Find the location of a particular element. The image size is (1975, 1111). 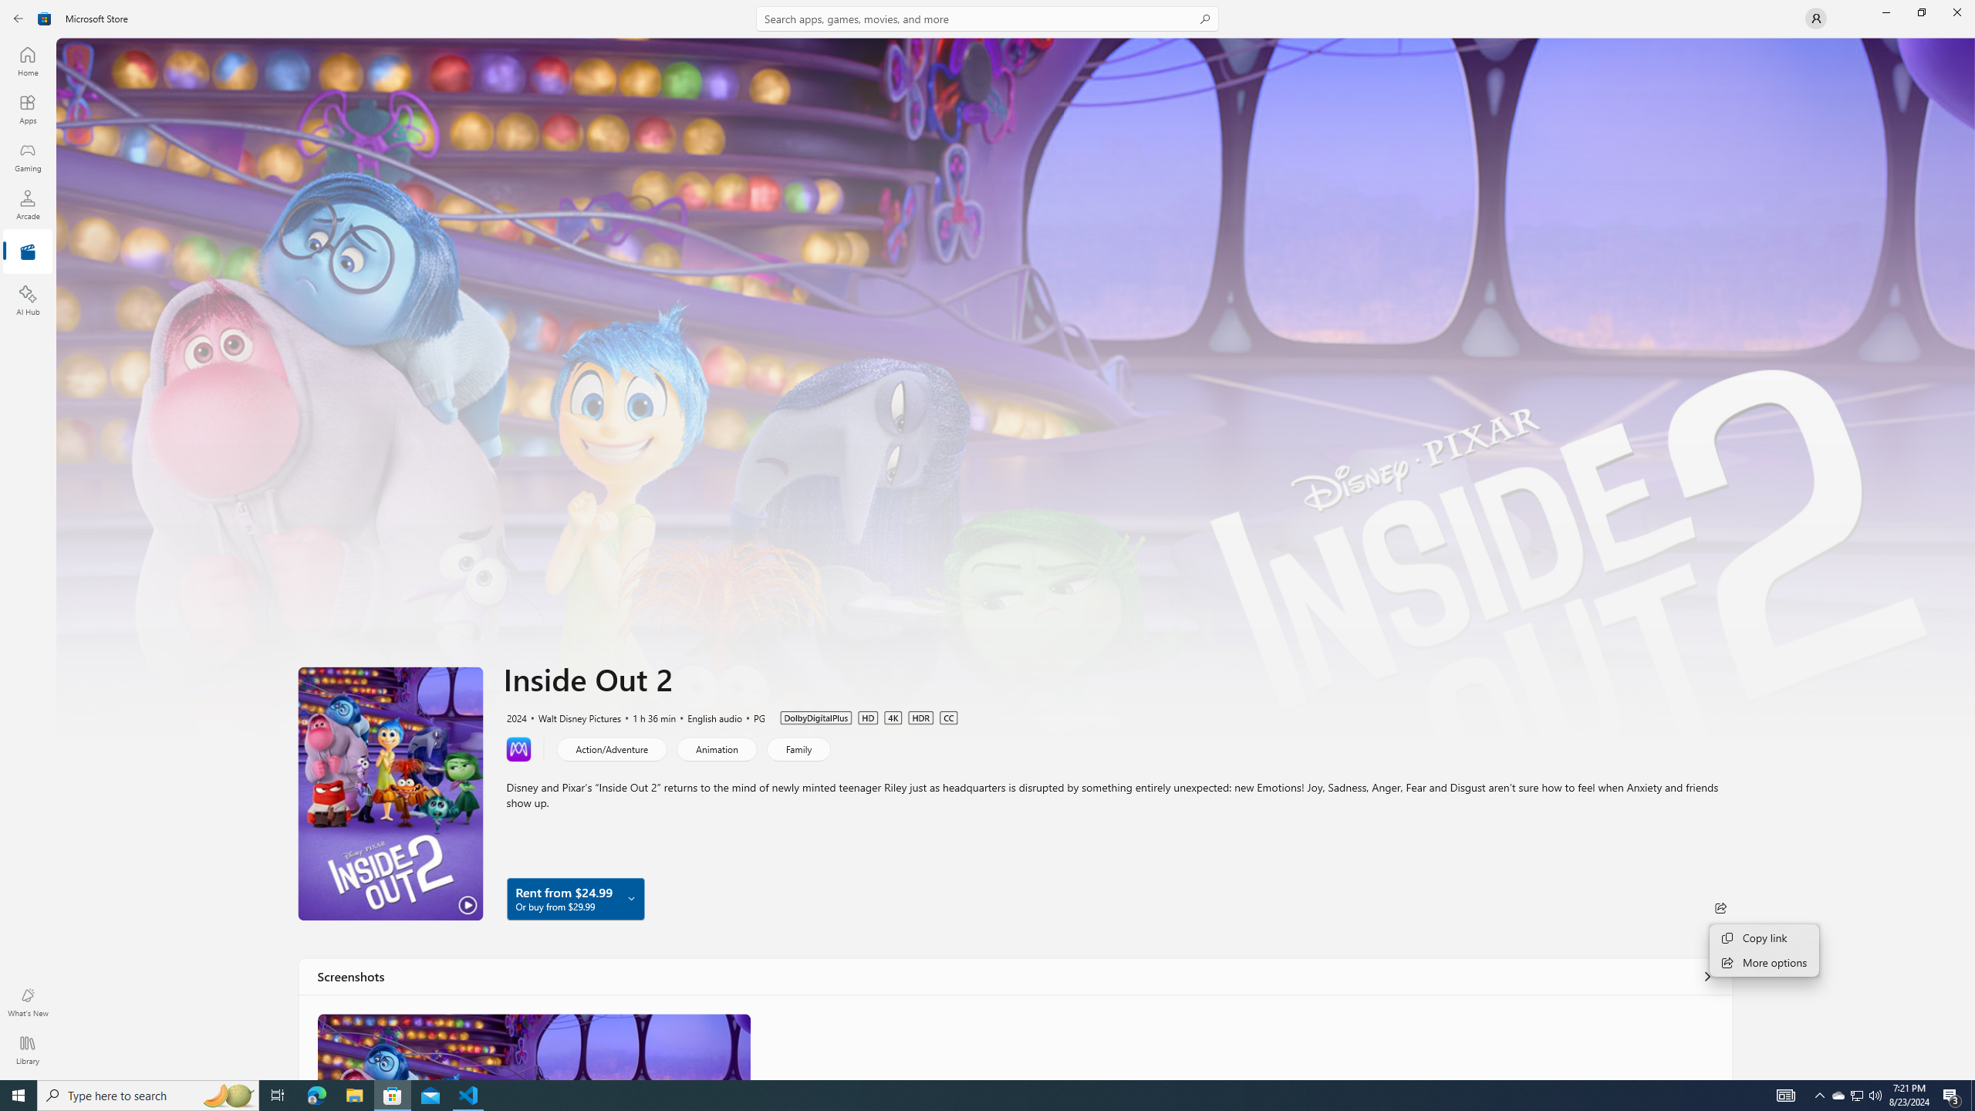

'2024' is located at coordinates (515, 716).